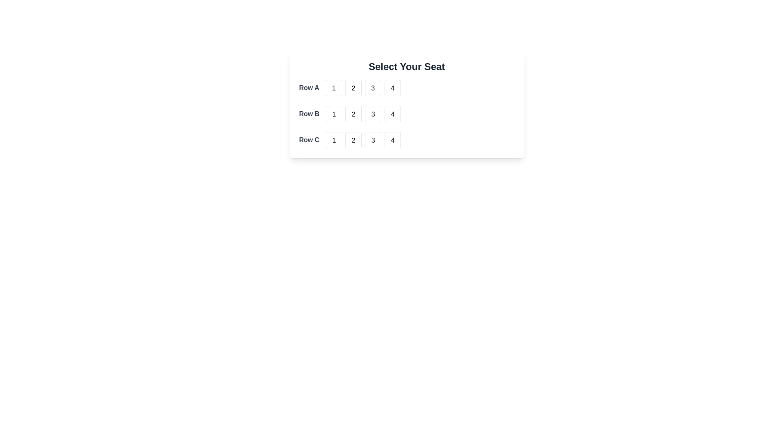 This screenshot has width=783, height=440. Describe the element at coordinates (334, 114) in the screenshot. I see `the button displaying the number '1' in the first column of Row B` at that location.